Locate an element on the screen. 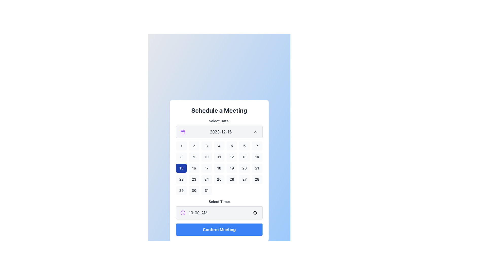 Image resolution: width=487 pixels, height=274 pixels. the selectable date button '24' on the calendar is located at coordinates (206, 179).